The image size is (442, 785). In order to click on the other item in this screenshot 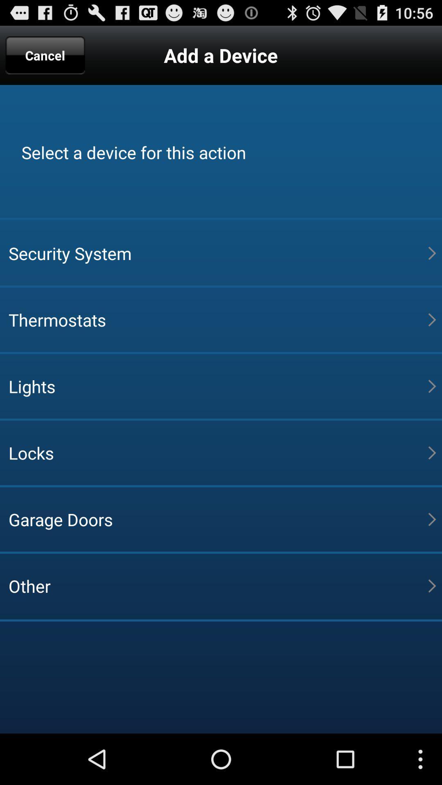, I will do `click(218, 585)`.